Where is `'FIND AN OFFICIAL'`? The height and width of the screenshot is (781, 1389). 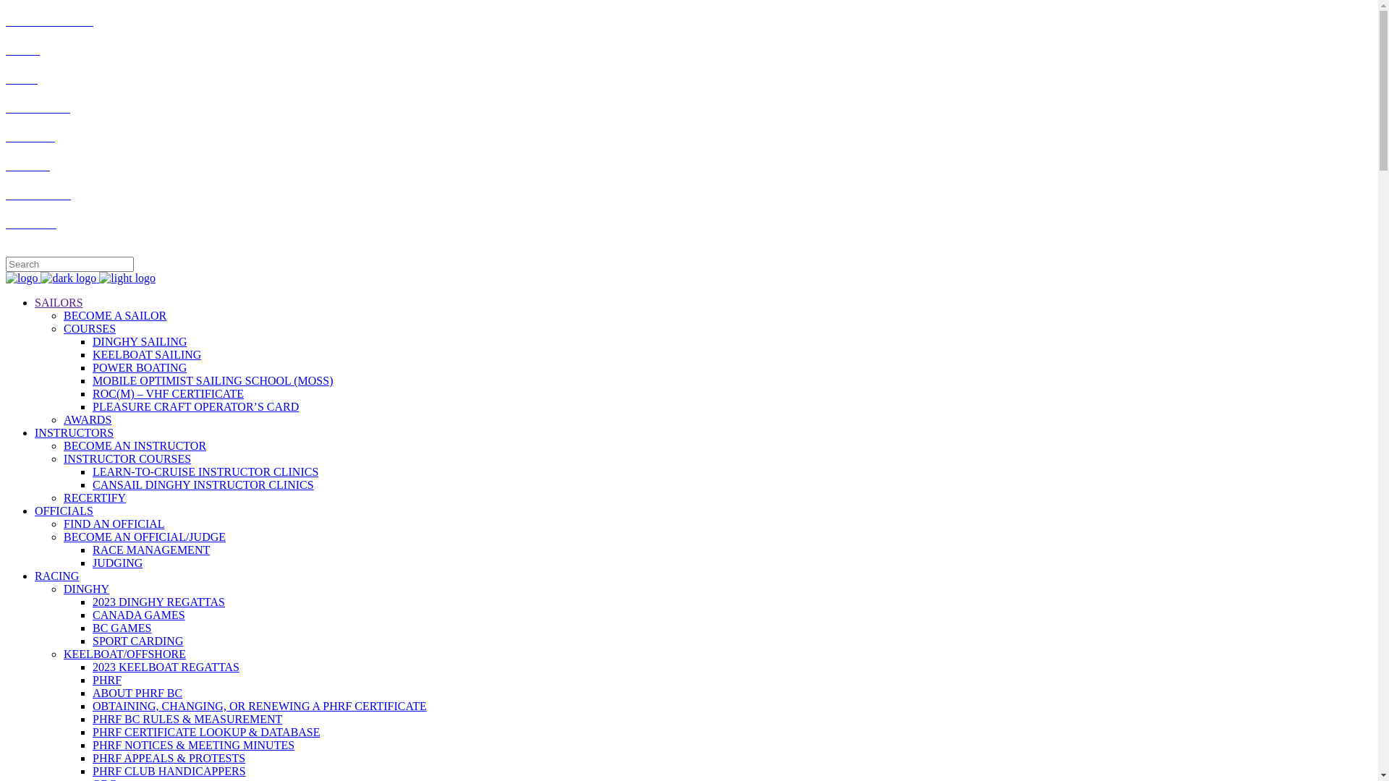 'FIND AN OFFICIAL' is located at coordinates (114, 524).